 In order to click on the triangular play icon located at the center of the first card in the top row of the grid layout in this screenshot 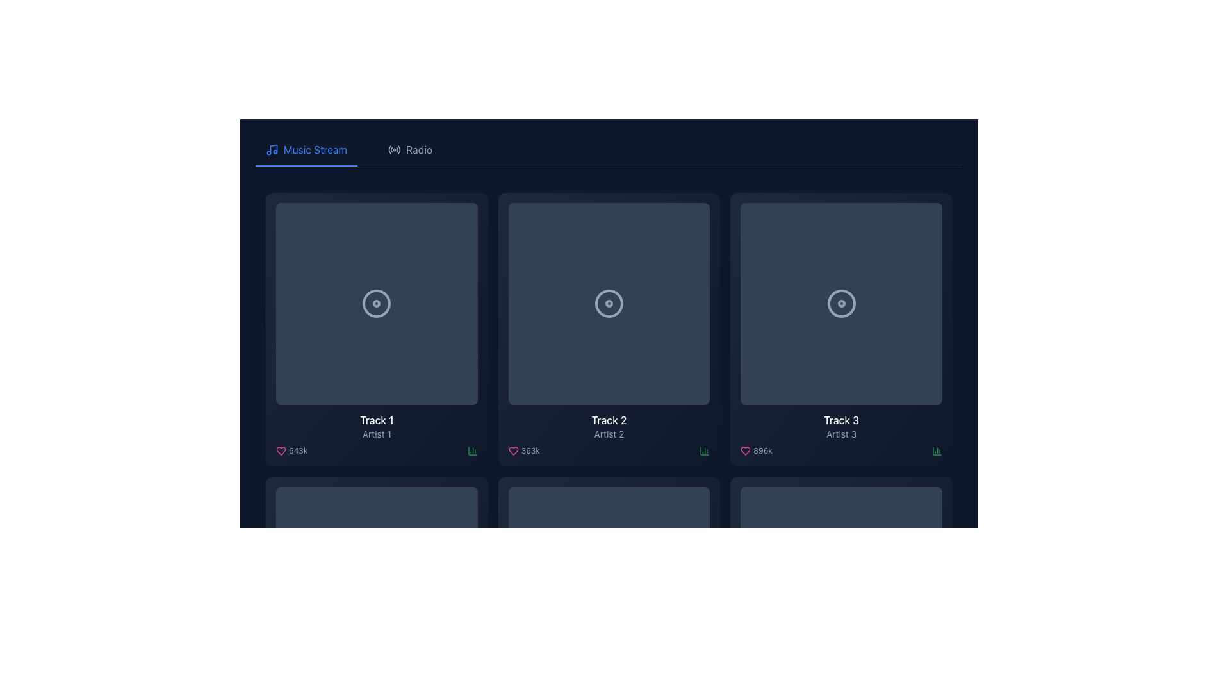, I will do `click(377, 304)`.